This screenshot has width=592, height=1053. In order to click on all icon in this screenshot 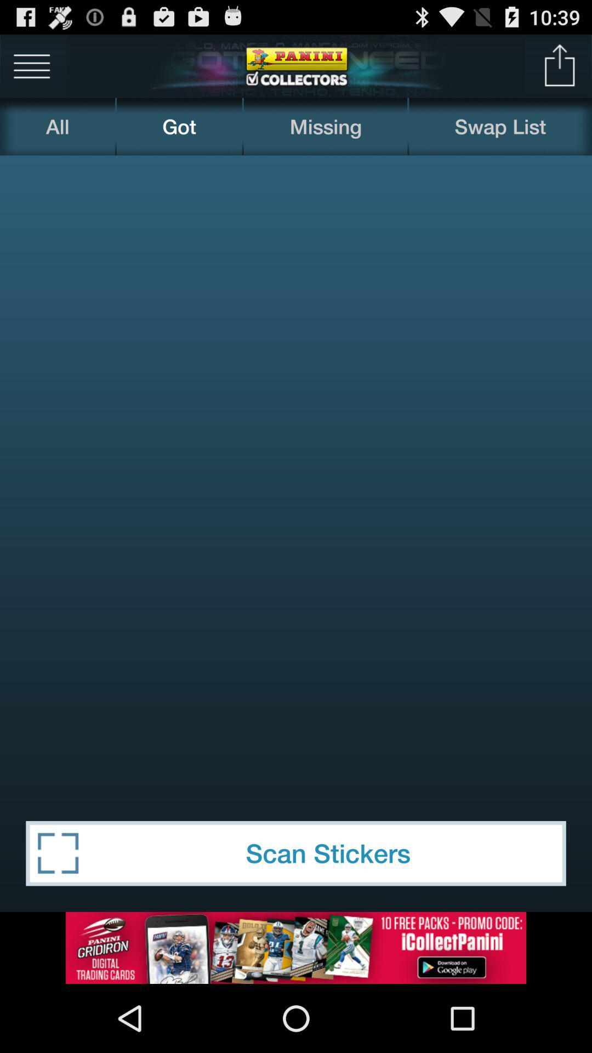, I will do `click(57, 126)`.